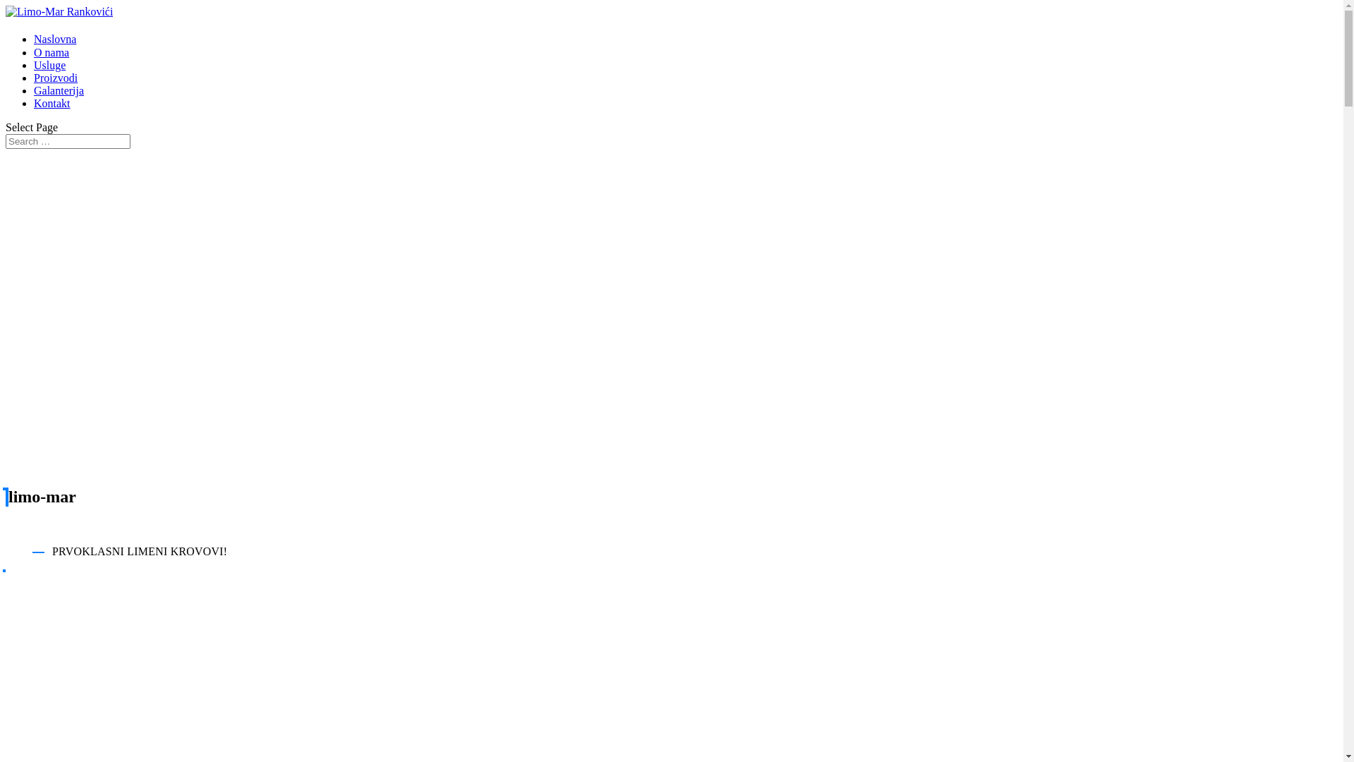 The image size is (1354, 762). What do you see at coordinates (58, 90) in the screenshot?
I see `'Galanterija'` at bounding box center [58, 90].